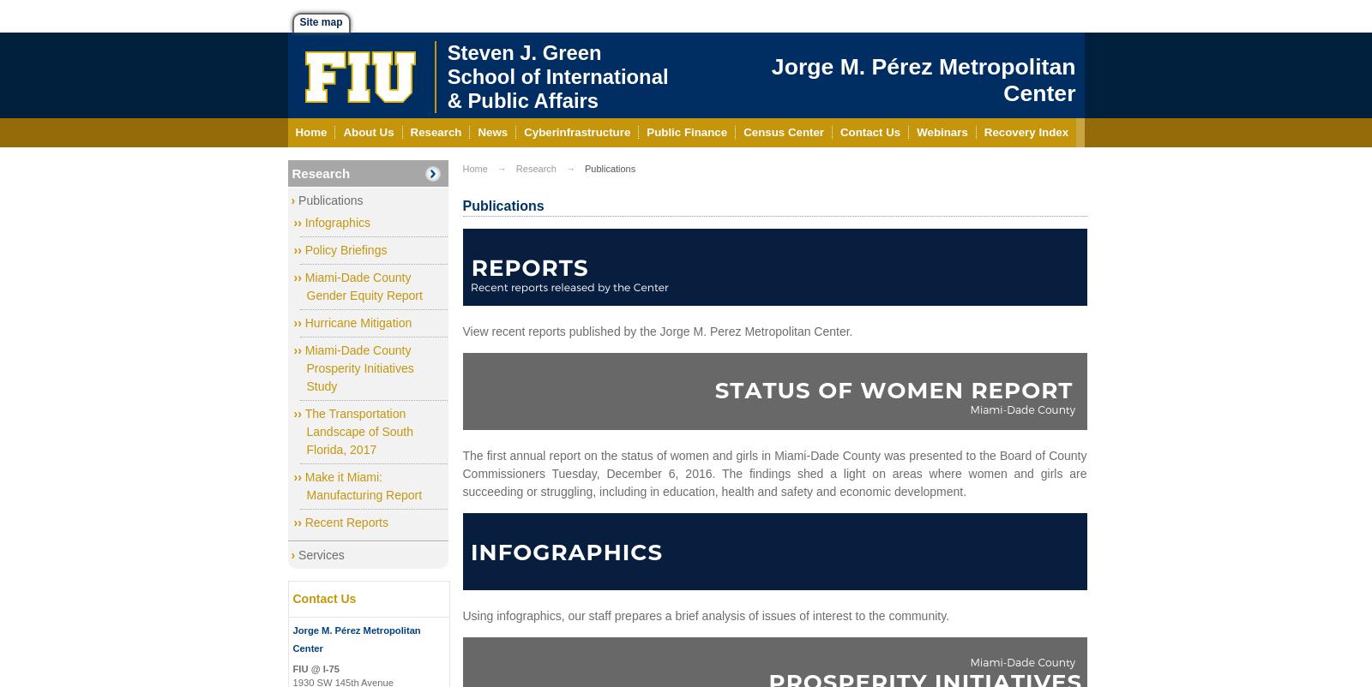 This screenshot has height=687, width=1372. I want to click on 'The Transportation Landscape of South Florida, 2017', so click(358, 431).